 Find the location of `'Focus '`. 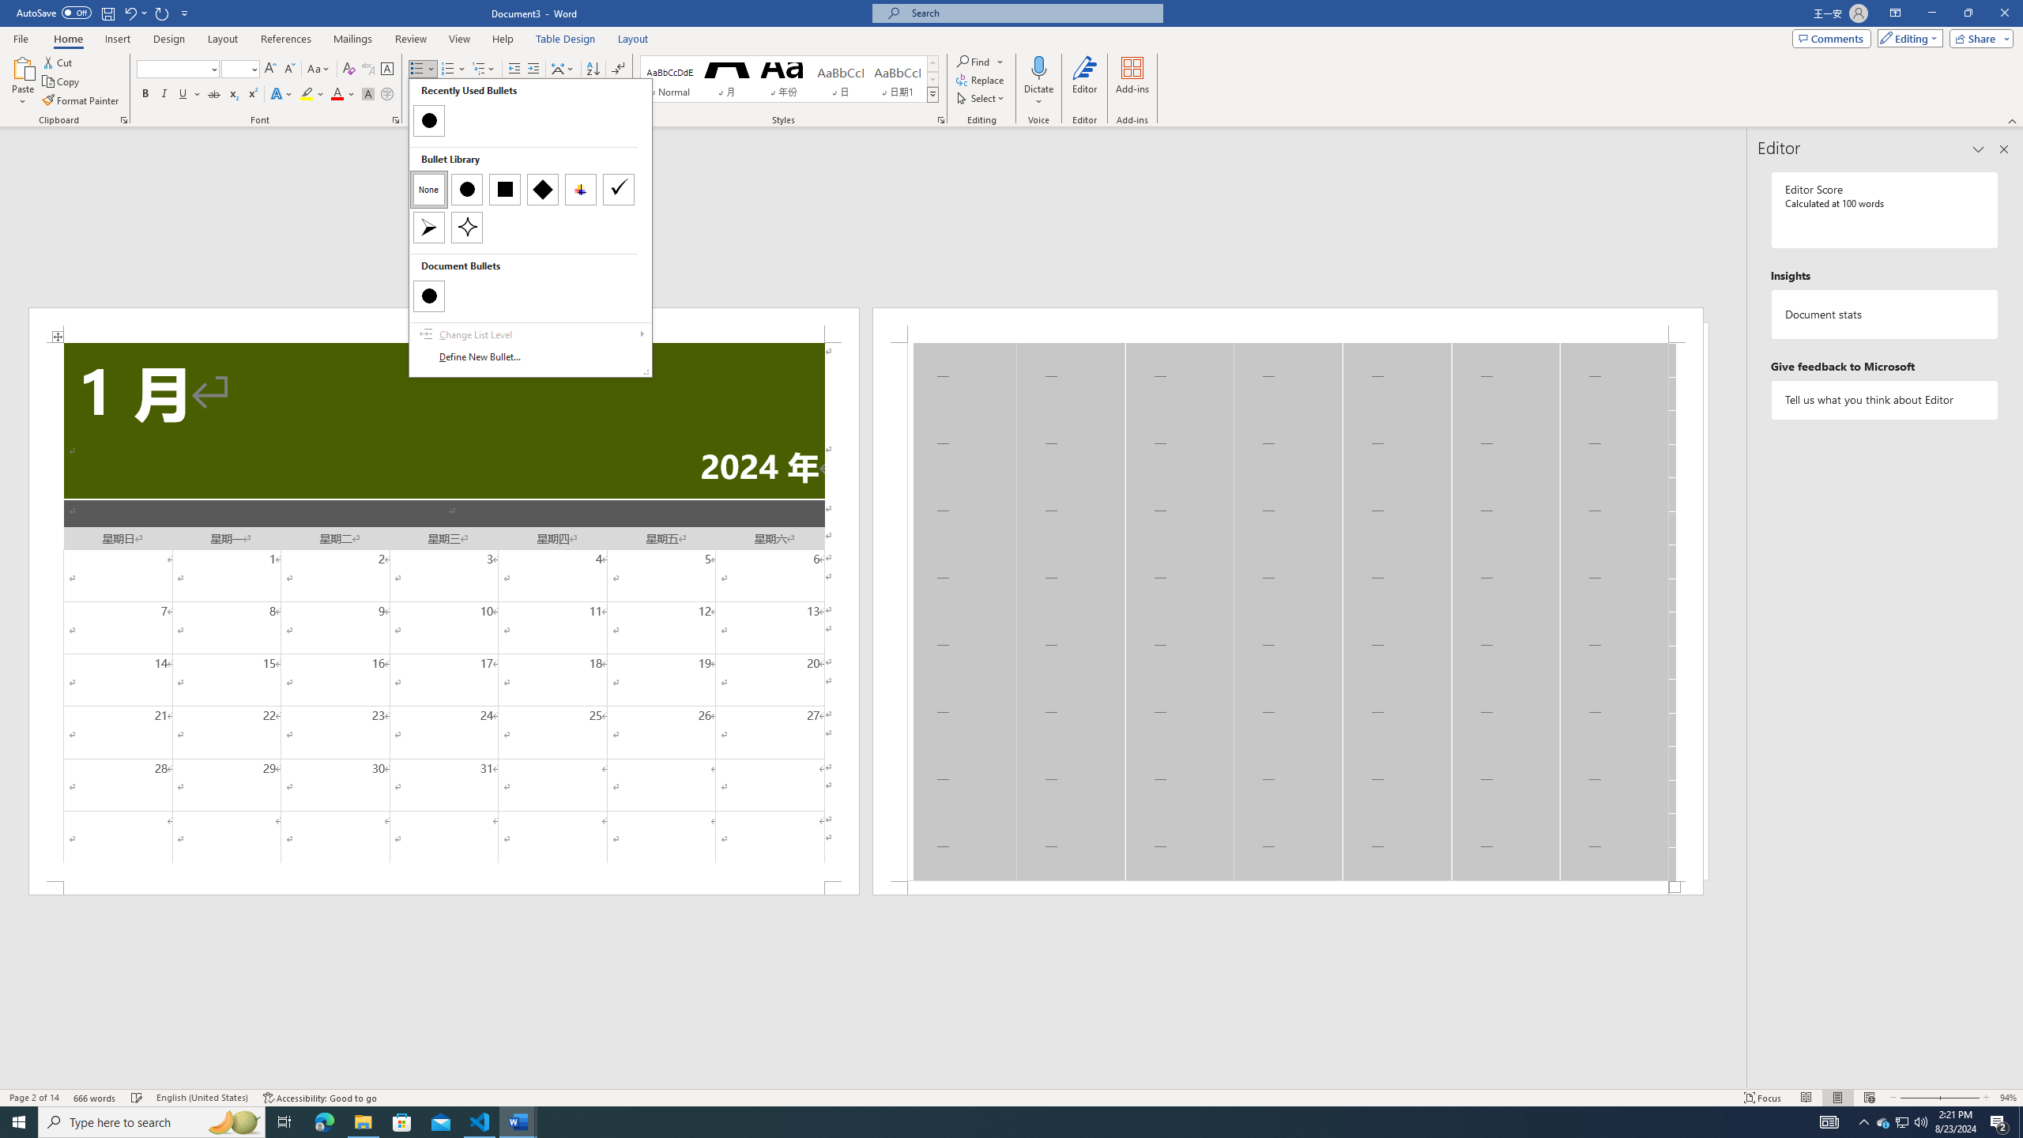

'Focus ' is located at coordinates (1762, 1098).